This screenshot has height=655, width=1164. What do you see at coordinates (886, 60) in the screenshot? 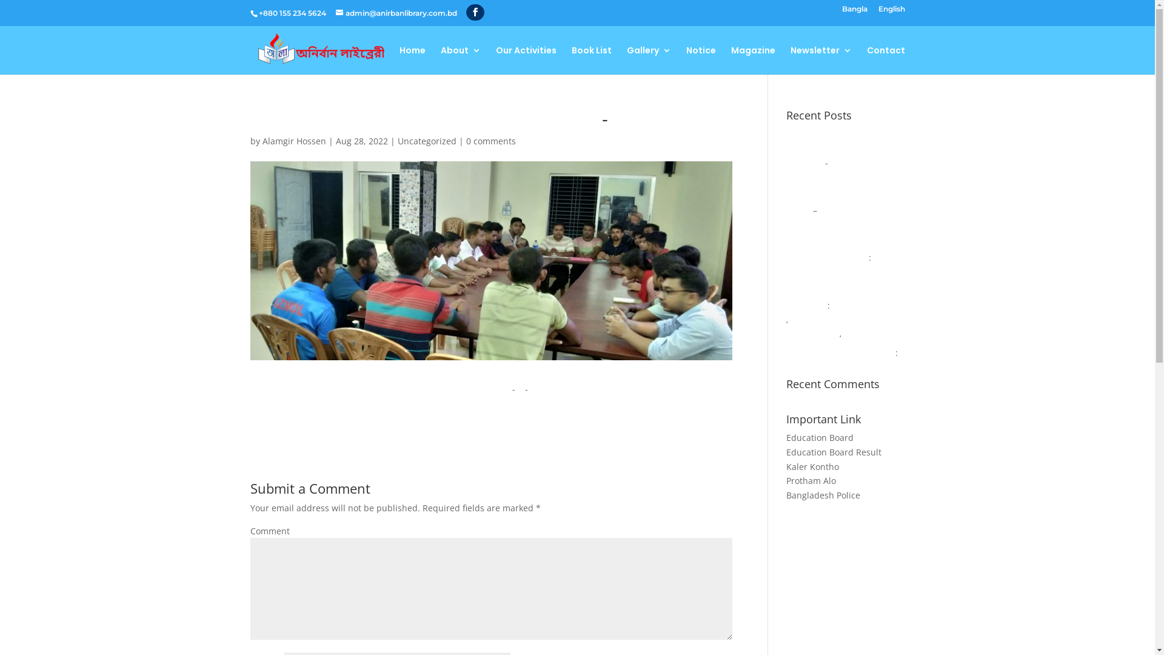
I see `'Contact'` at bounding box center [886, 60].